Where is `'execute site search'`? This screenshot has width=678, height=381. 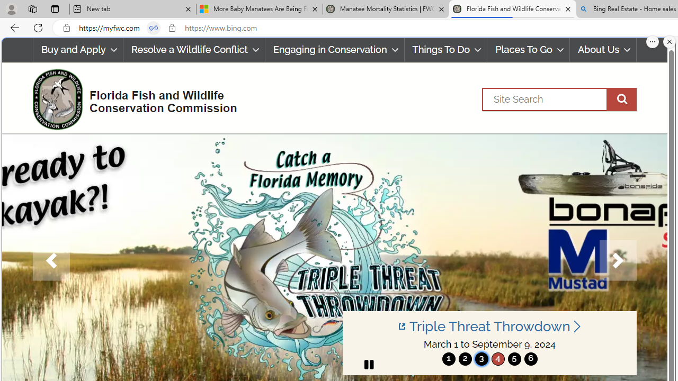 'execute site search' is located at coordinates (621, 99).